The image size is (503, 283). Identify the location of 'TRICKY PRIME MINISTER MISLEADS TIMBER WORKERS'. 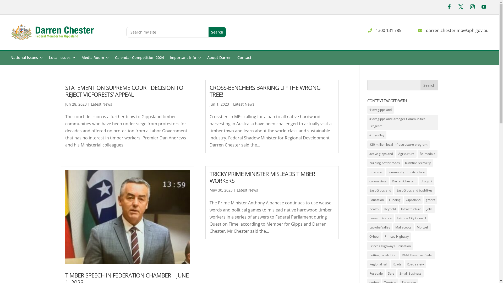
(262, 177).